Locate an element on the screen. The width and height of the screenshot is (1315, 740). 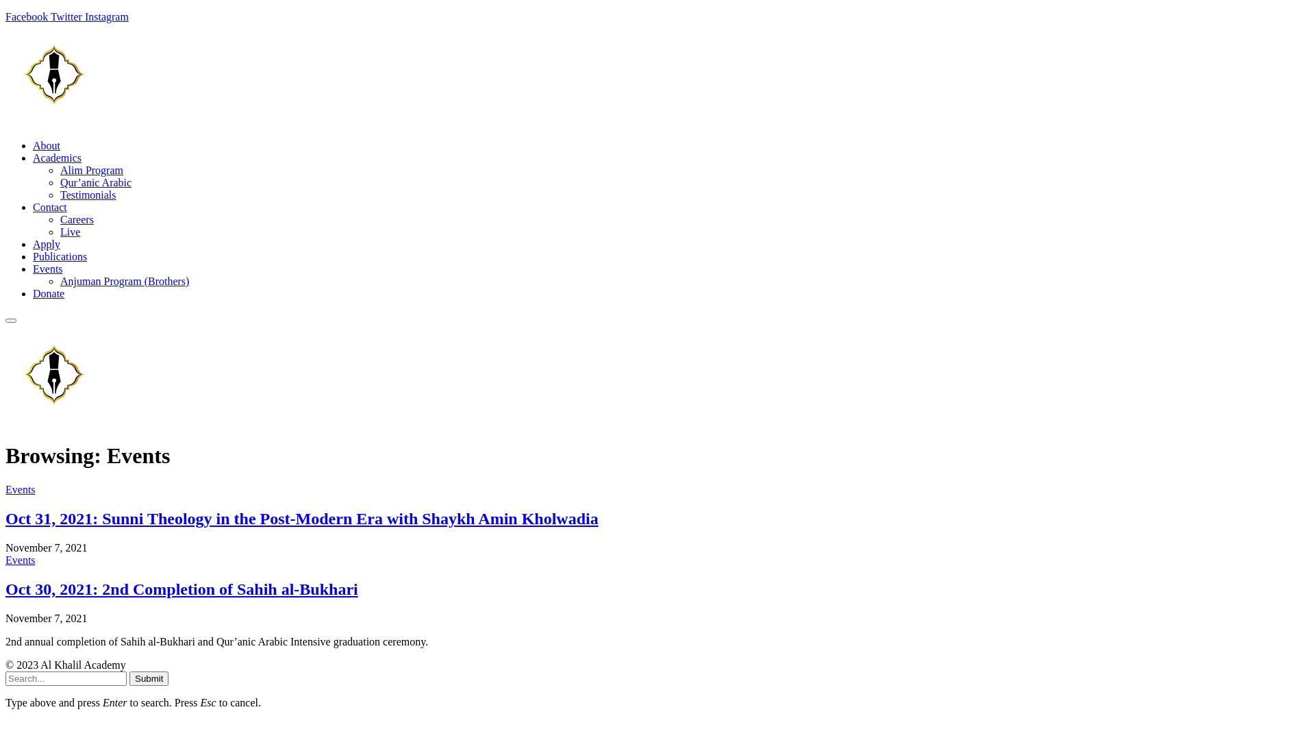
'Contact' is located at coordinates (49, 207).